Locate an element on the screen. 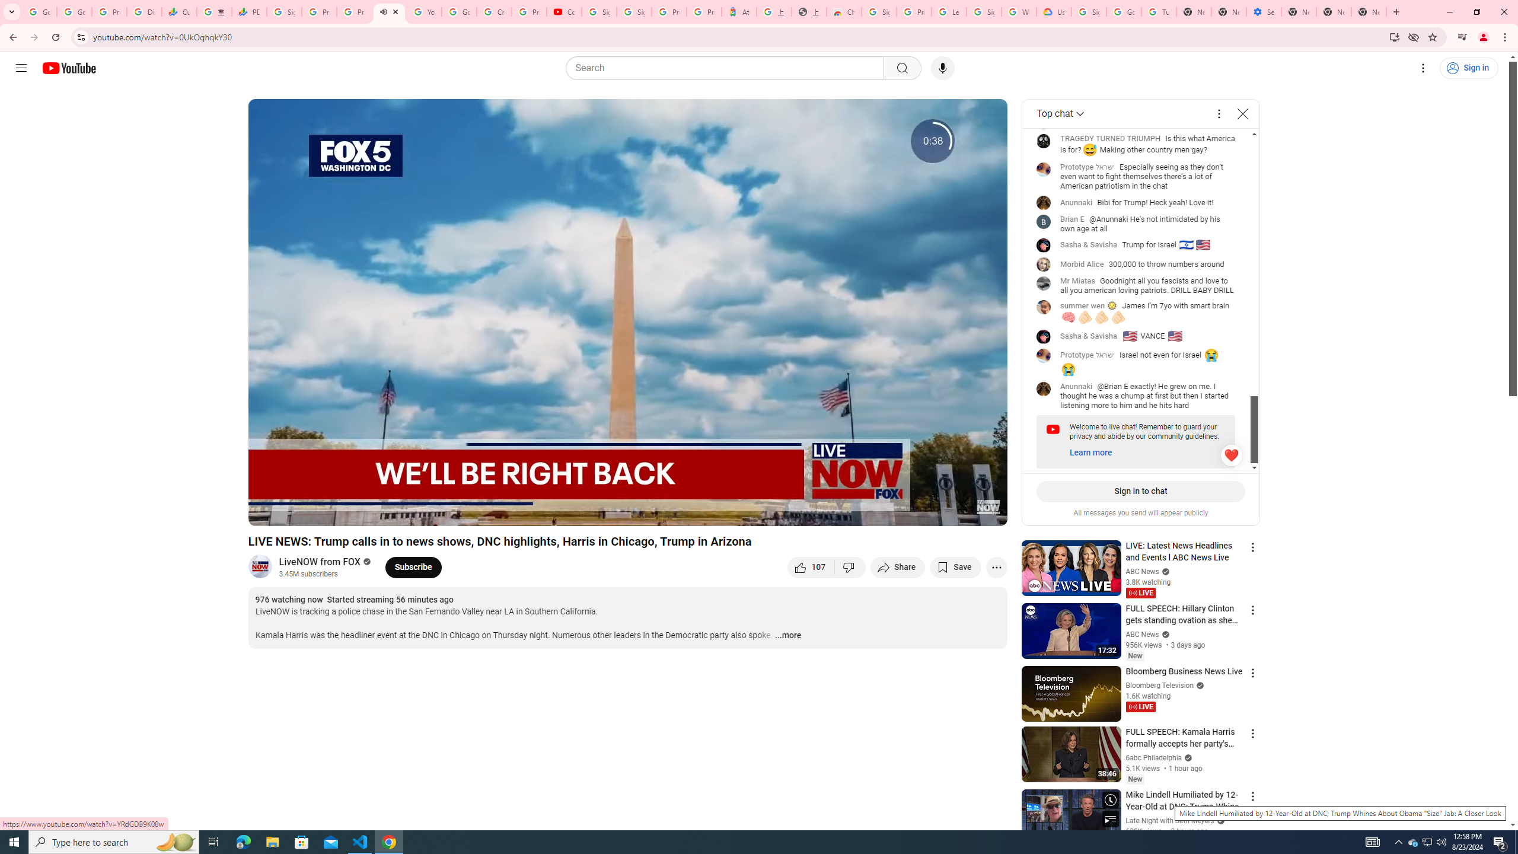  'Channel watermark' is located at coordinates (988, 506).